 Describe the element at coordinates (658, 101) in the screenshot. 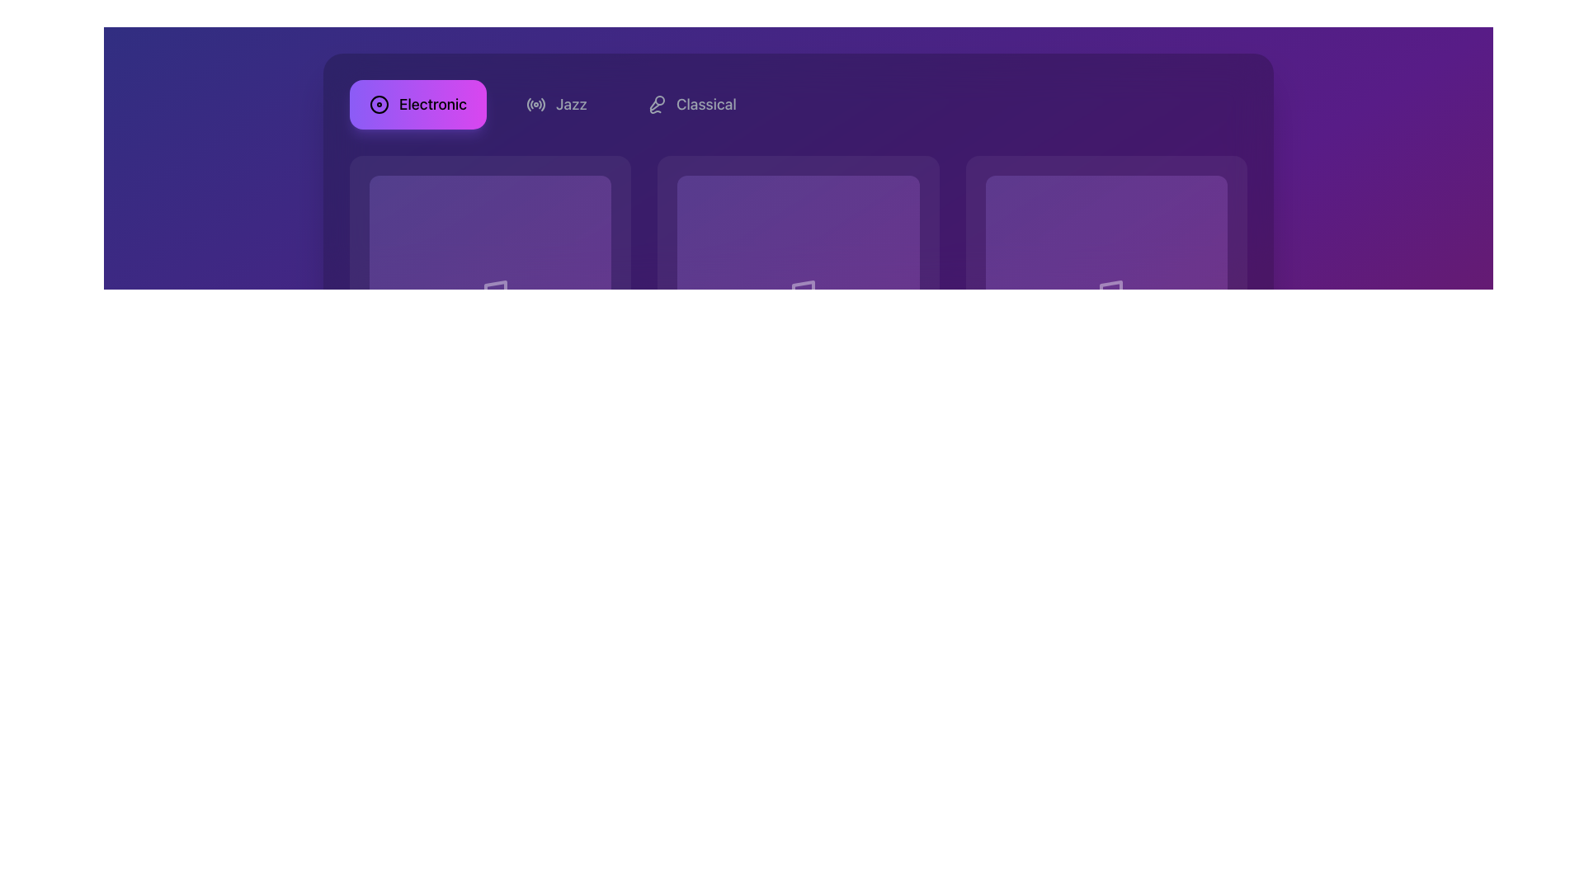

I see `the small circular graphic element that is part of the 'mic vocal' icon located at the rightmost portion of the navigation menu area` at that location.